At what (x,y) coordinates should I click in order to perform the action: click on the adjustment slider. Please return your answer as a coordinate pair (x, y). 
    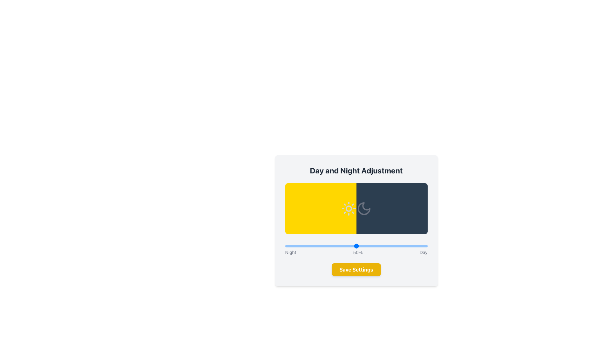
    Looking at the image, I should click on (344, 246).